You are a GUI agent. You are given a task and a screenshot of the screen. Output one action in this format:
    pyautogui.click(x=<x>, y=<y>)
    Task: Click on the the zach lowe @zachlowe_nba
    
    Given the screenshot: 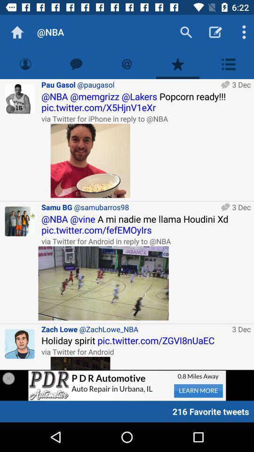 What is the action you would take?
    pyautogui.click(x=135, y=329)
    